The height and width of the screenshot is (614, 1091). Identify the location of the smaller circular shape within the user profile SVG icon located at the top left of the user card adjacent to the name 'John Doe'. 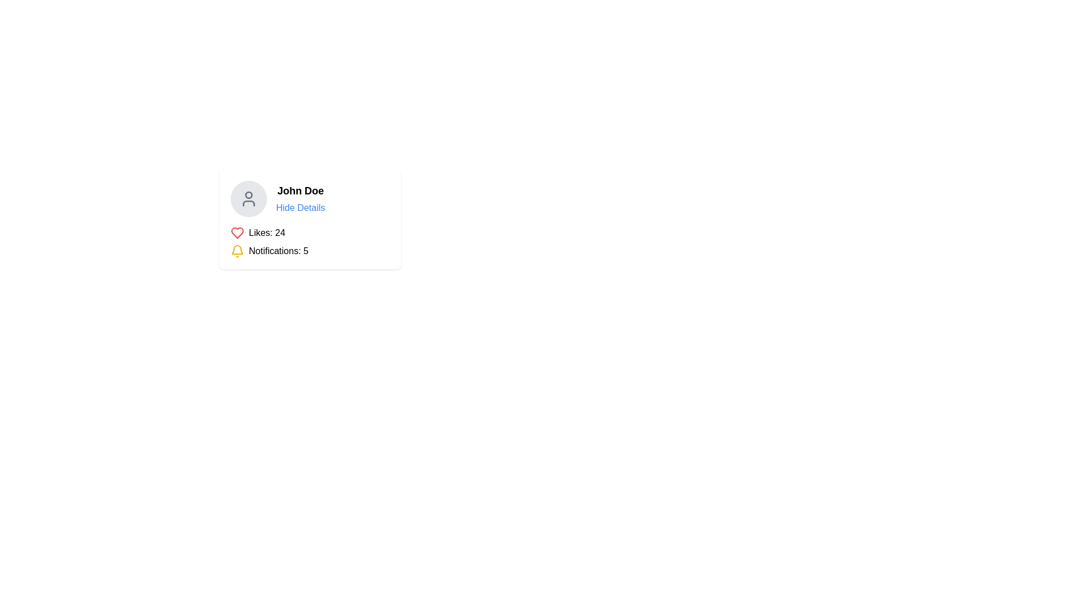
(248, 194).